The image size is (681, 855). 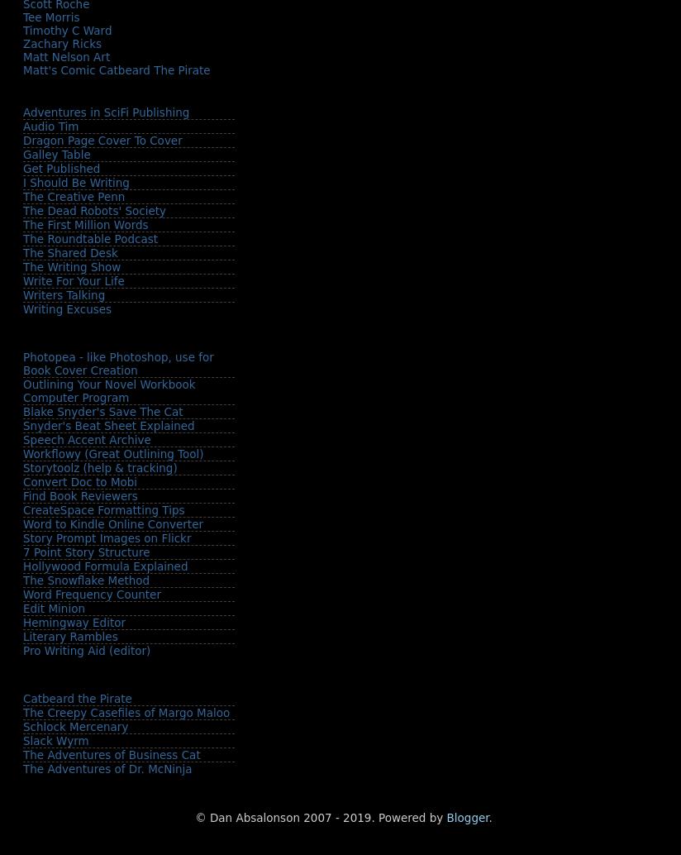 I want to click on '7 Point Story Structure', so click(x=86, y=552).